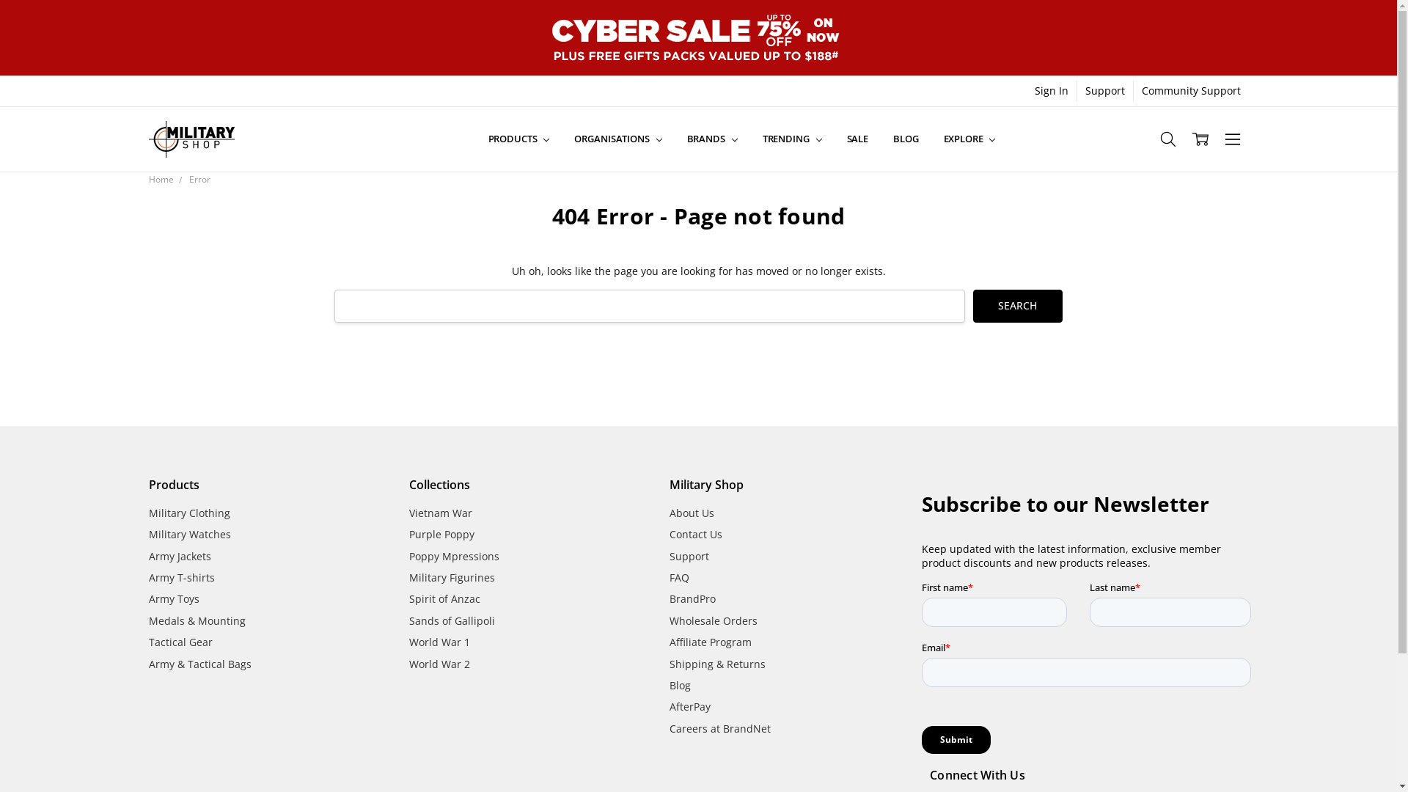 The height and width of the screenshot is (792, 1408). Describe the element at coordinates (969, 139) in the screenshot. I see `'EXPLORE'` at that location.